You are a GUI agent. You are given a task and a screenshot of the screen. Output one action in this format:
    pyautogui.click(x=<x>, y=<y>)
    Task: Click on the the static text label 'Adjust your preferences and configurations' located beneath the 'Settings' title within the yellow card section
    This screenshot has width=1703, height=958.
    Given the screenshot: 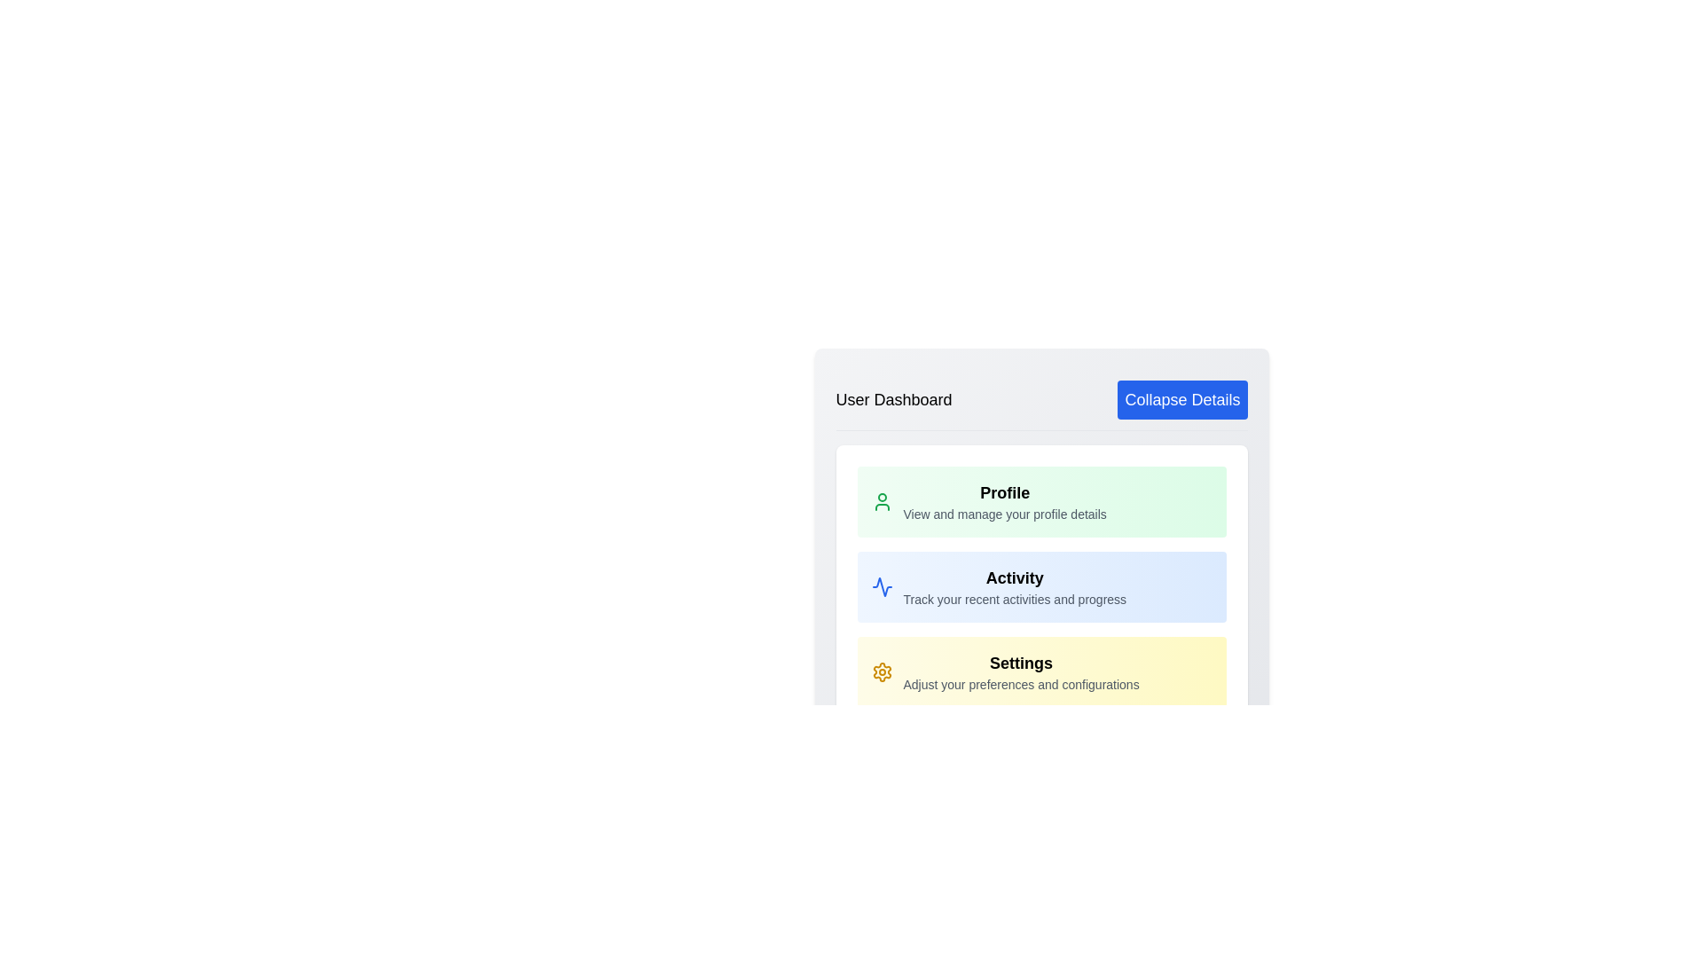 What is the action you would take?
    pyautogui.click(x=1021, y=683)
    